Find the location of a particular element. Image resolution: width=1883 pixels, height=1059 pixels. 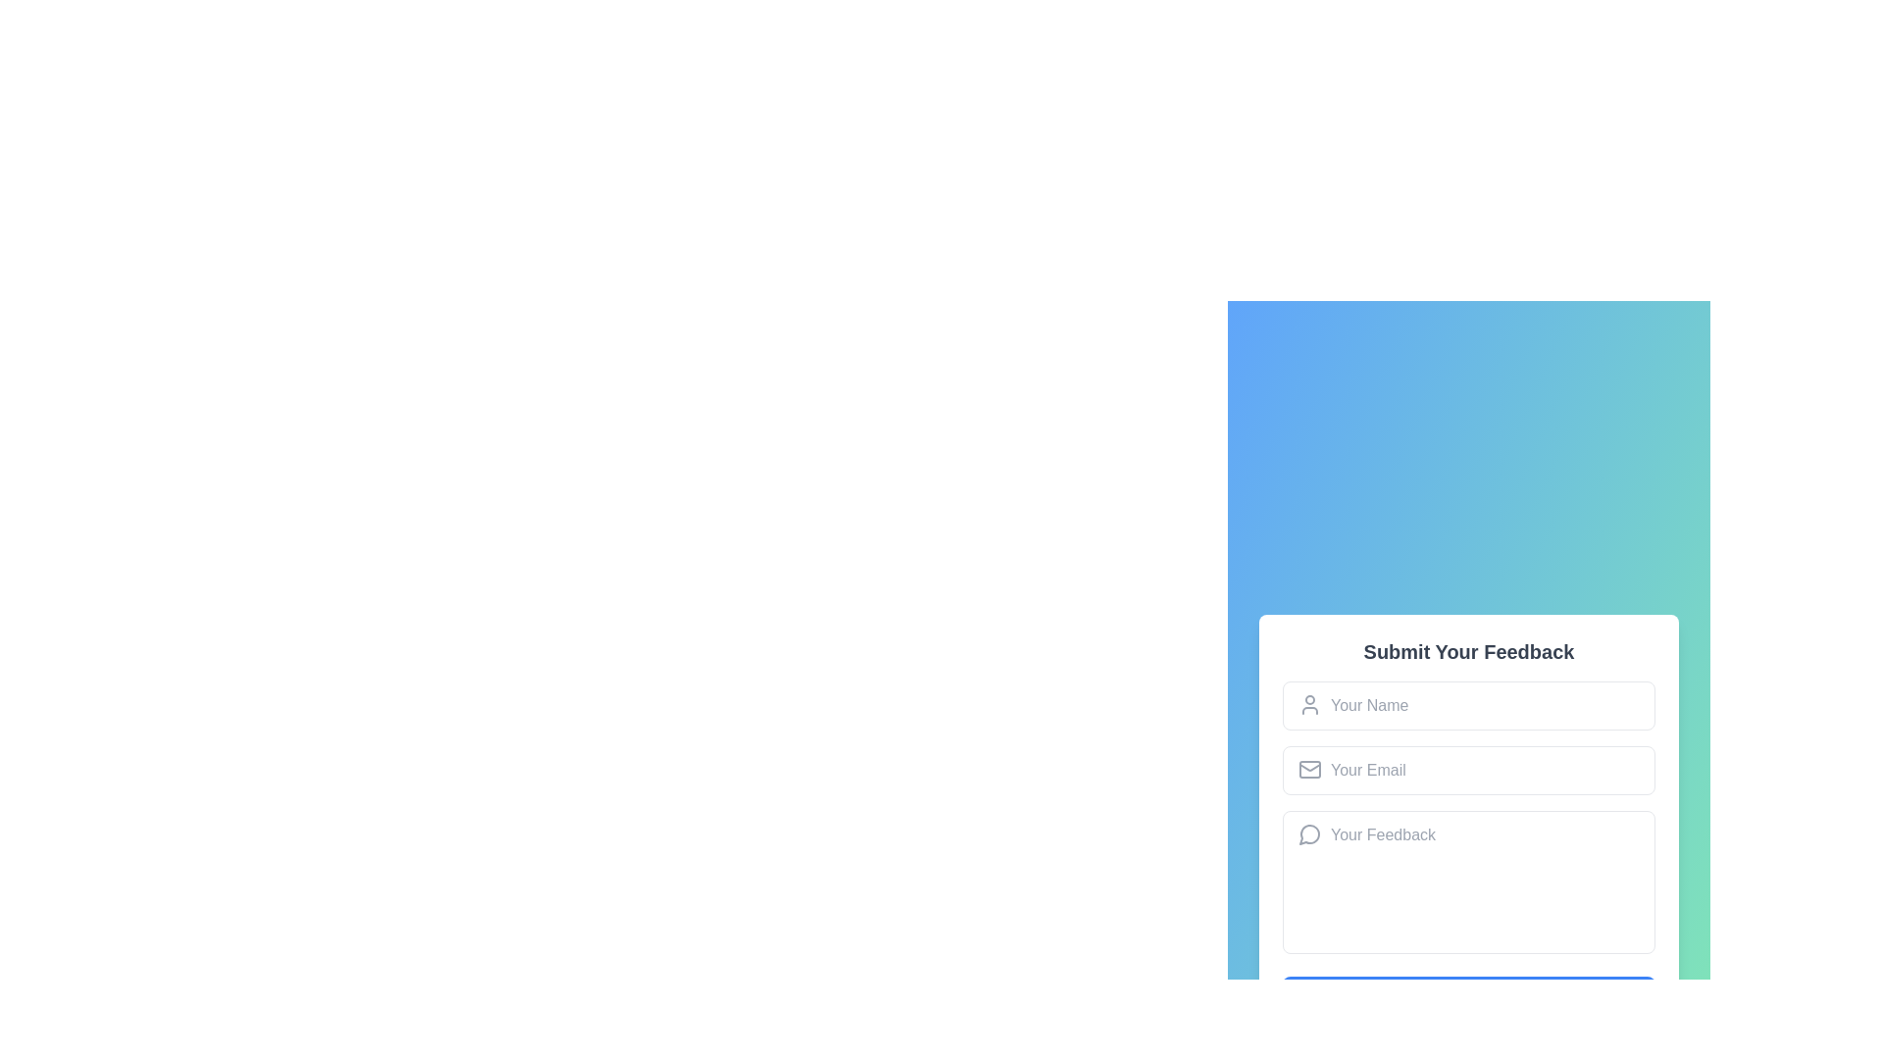

the Decorative Icon resembling an envelope located to the left of the 'Your Email' input field in the feedback form interface is located at coordinates (1309, 768).